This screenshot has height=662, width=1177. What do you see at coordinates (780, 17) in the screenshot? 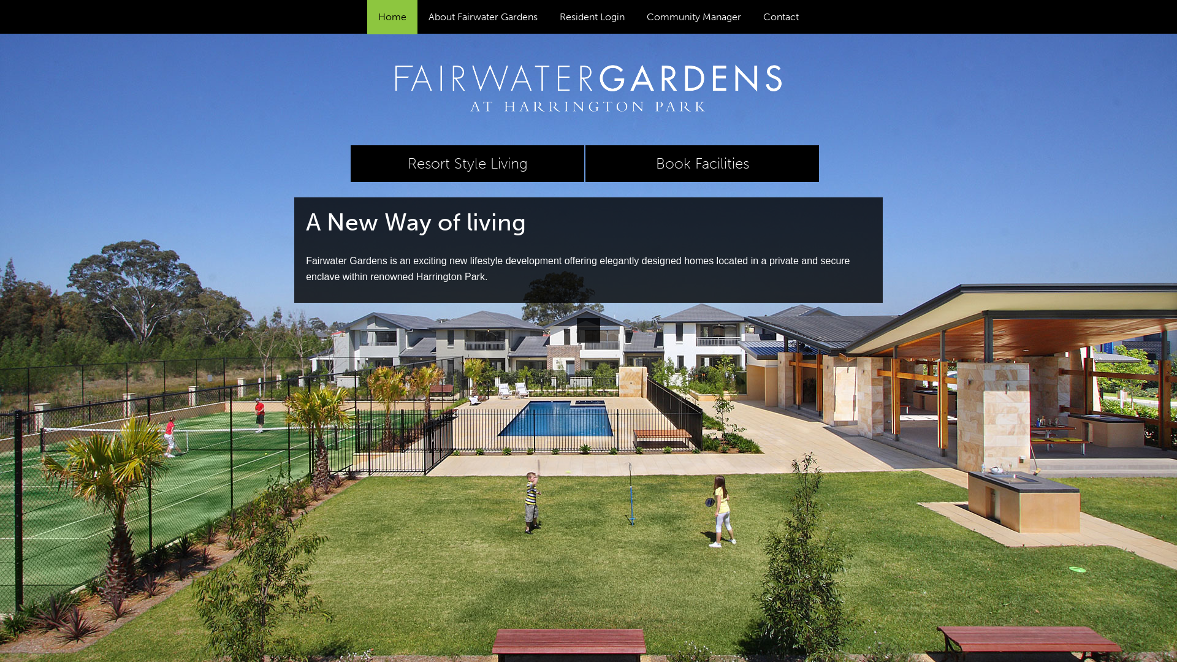
I see `'Contact'` at bounding box center [780, 17].